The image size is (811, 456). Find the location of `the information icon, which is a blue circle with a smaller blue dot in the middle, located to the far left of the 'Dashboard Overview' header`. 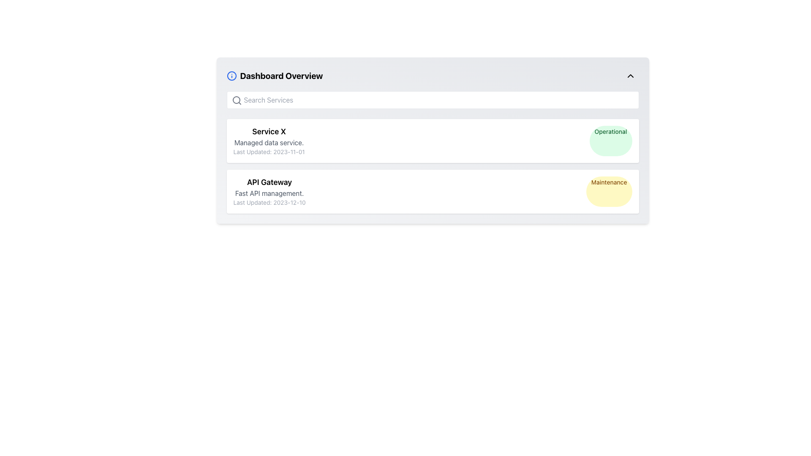

the information icon, which is a blue circle with a smaller blue dot in the middle, located to the far left of the 'Dashboard Overview' header is located at coordinates (231, 76).